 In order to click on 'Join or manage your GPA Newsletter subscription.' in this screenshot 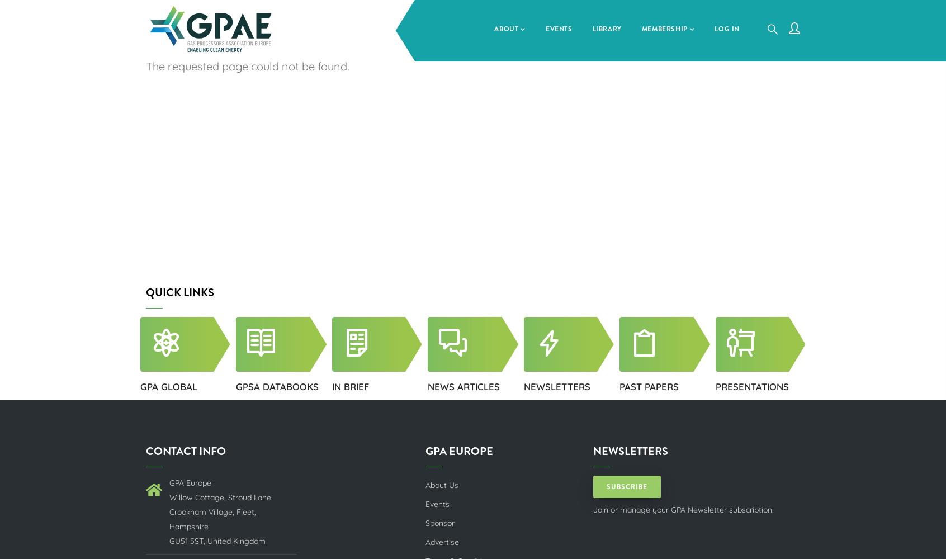, I will do `click(683, 509)`.